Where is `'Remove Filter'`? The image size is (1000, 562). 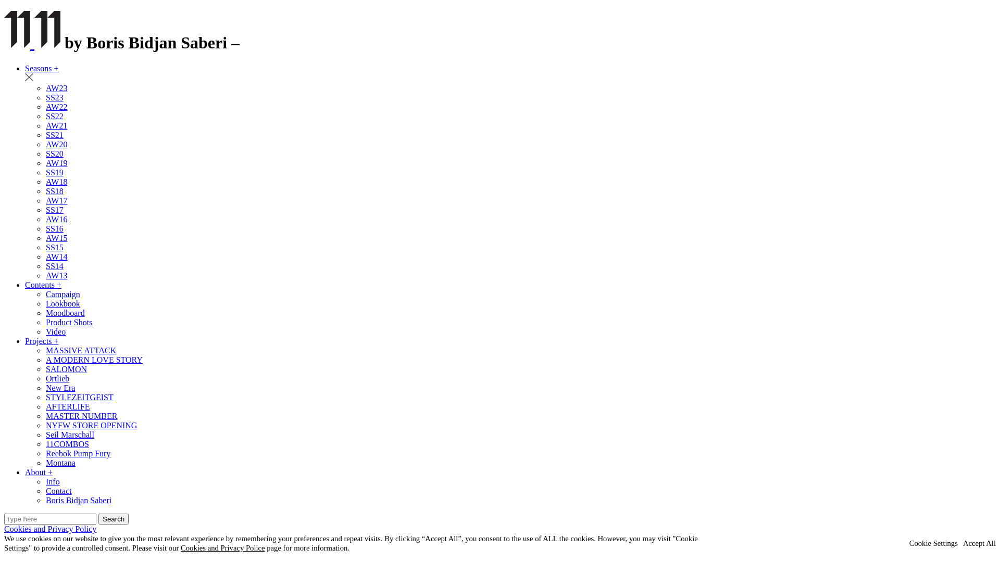
'Remove Filter' is located at coordinates (29, 78).